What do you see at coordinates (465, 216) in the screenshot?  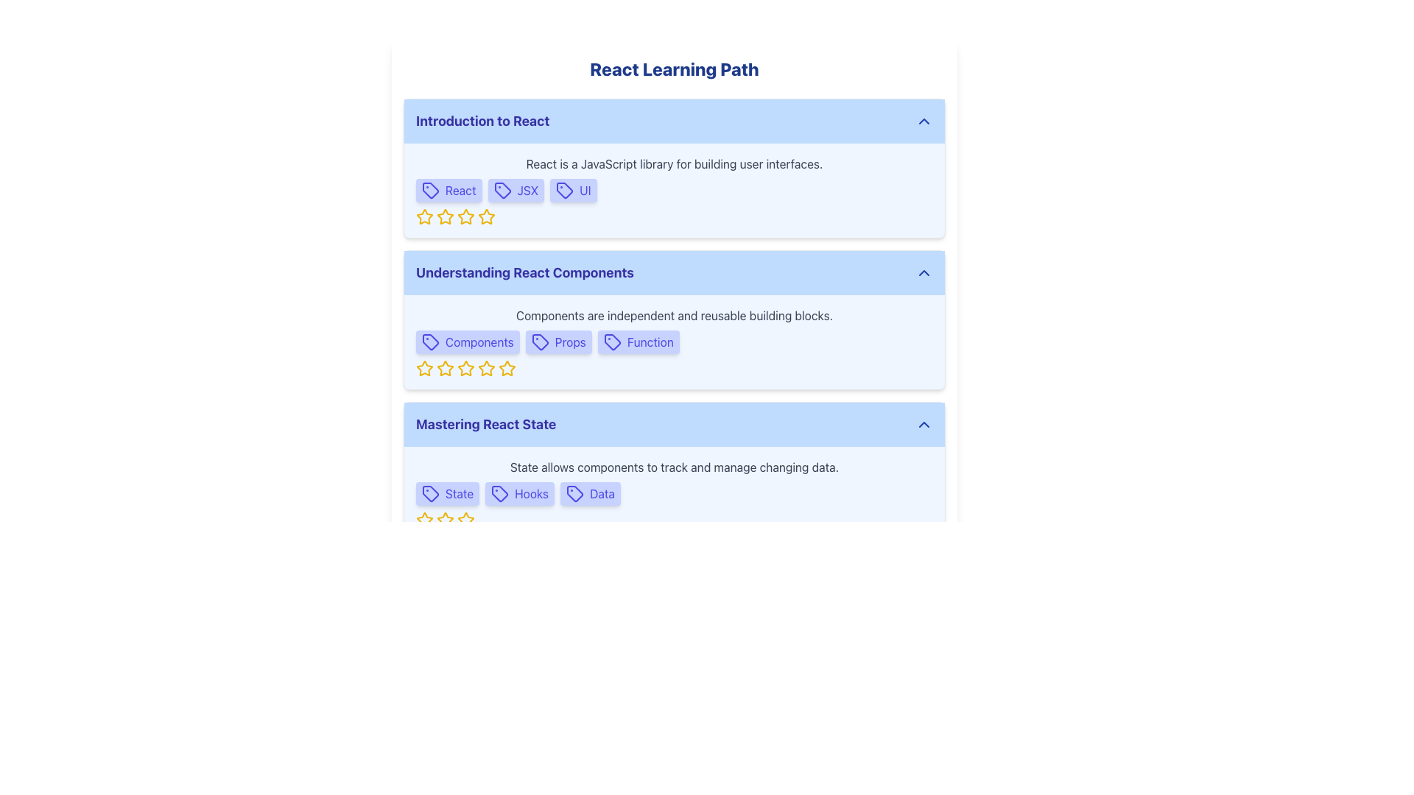 I see `the third star in the five-star rating component for the 'Introduction to React' section` at bounding box center [465, 216].